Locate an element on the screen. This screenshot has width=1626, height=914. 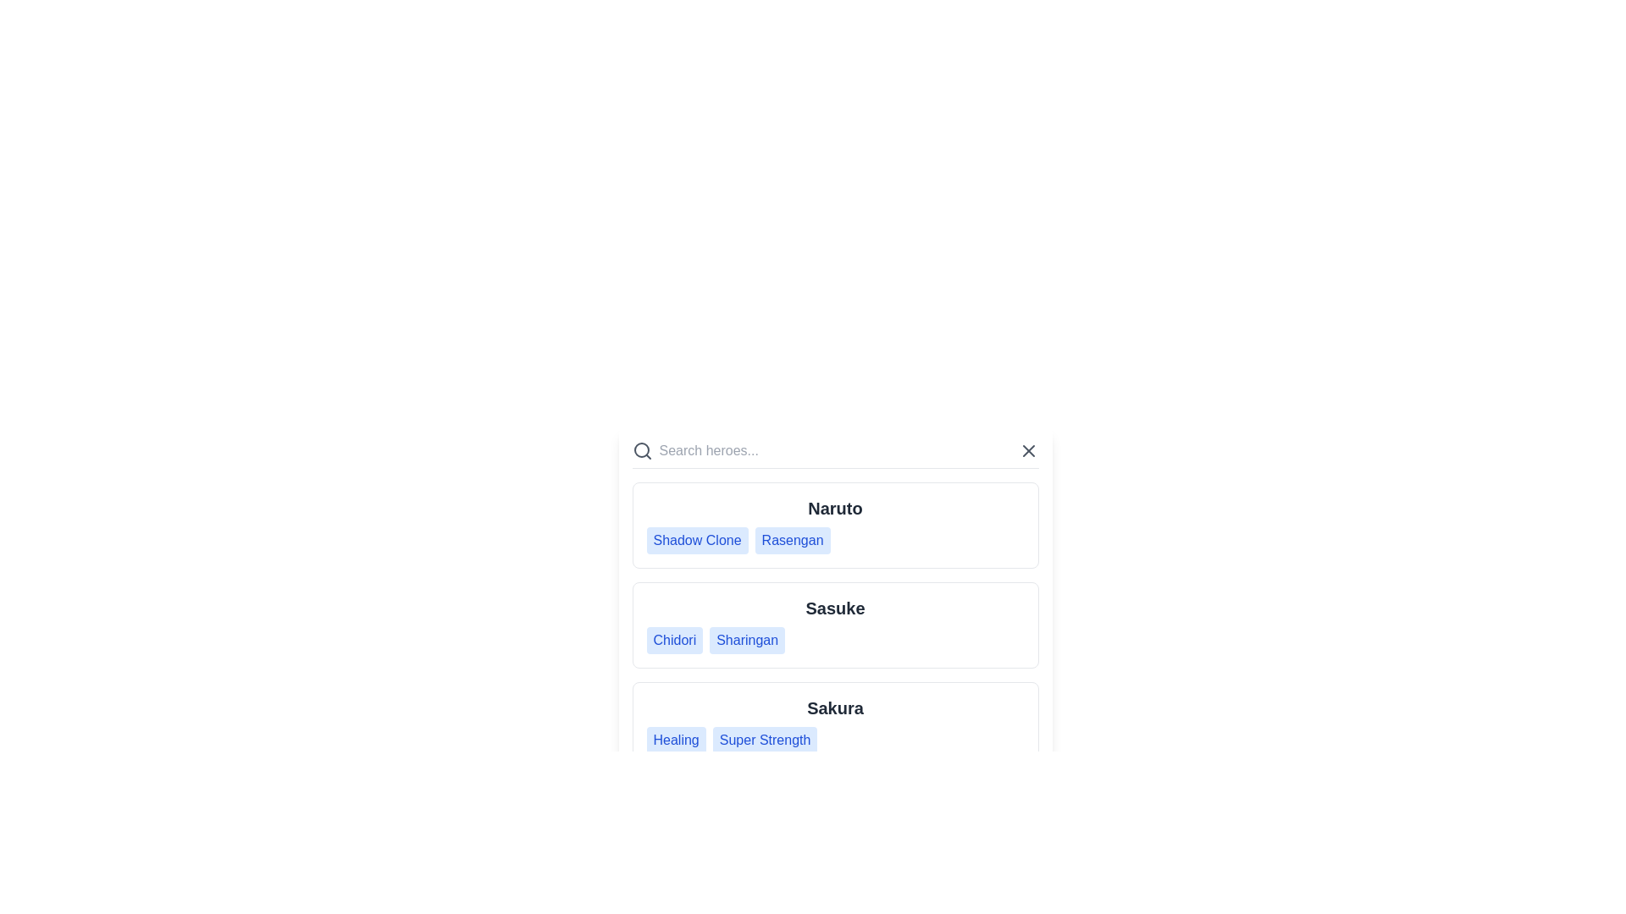
the Text label that serves as a title for the associated character card, located at the top-center of a grouped card, below the hero cards for 'Naruto' and 'Sasuke' is located at coordinates (835, 708).